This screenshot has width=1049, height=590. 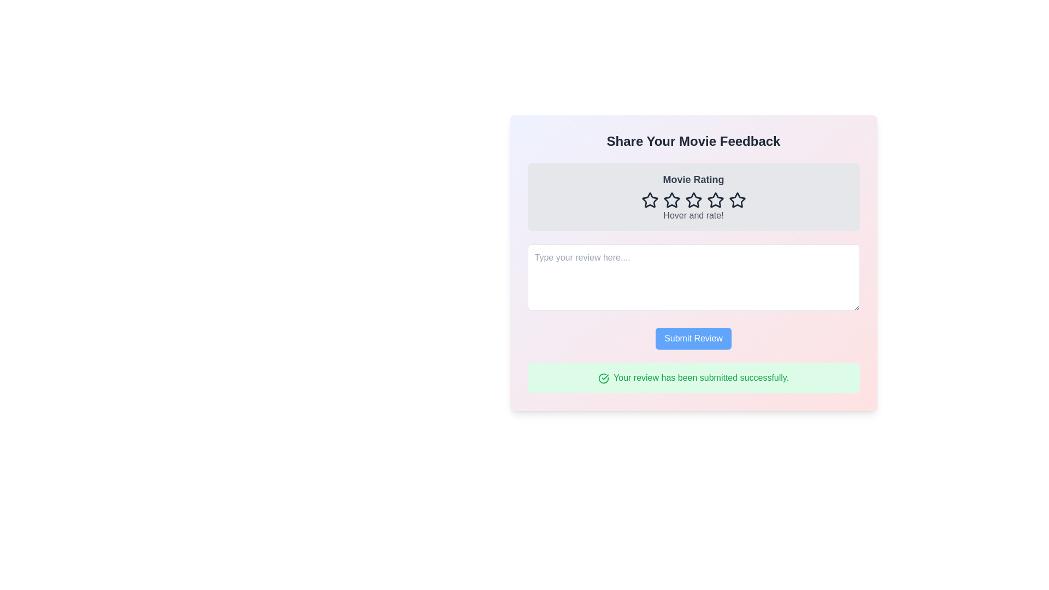 I want to click on the Rating section with stars to read the rating instructions for providing feedback on the movie, so click(x=693, y=197).